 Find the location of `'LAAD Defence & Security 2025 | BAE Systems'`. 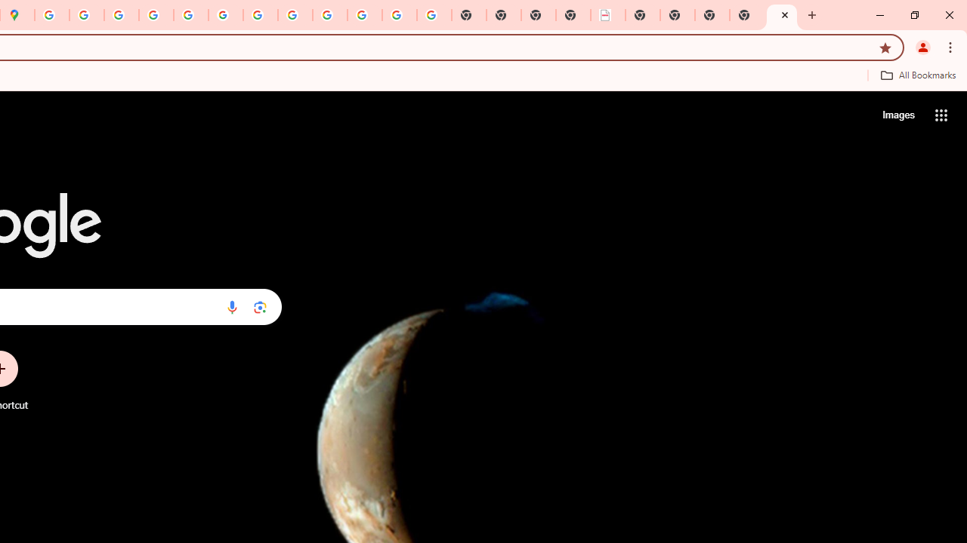

'LAAD Defence & Security 2025 | BAE Systems' is located at coordinates (608, 15).